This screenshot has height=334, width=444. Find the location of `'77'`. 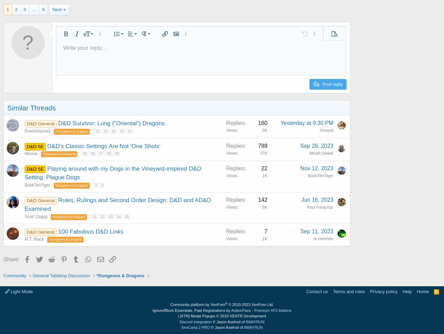

'77' is located at coordinates (100, 153).